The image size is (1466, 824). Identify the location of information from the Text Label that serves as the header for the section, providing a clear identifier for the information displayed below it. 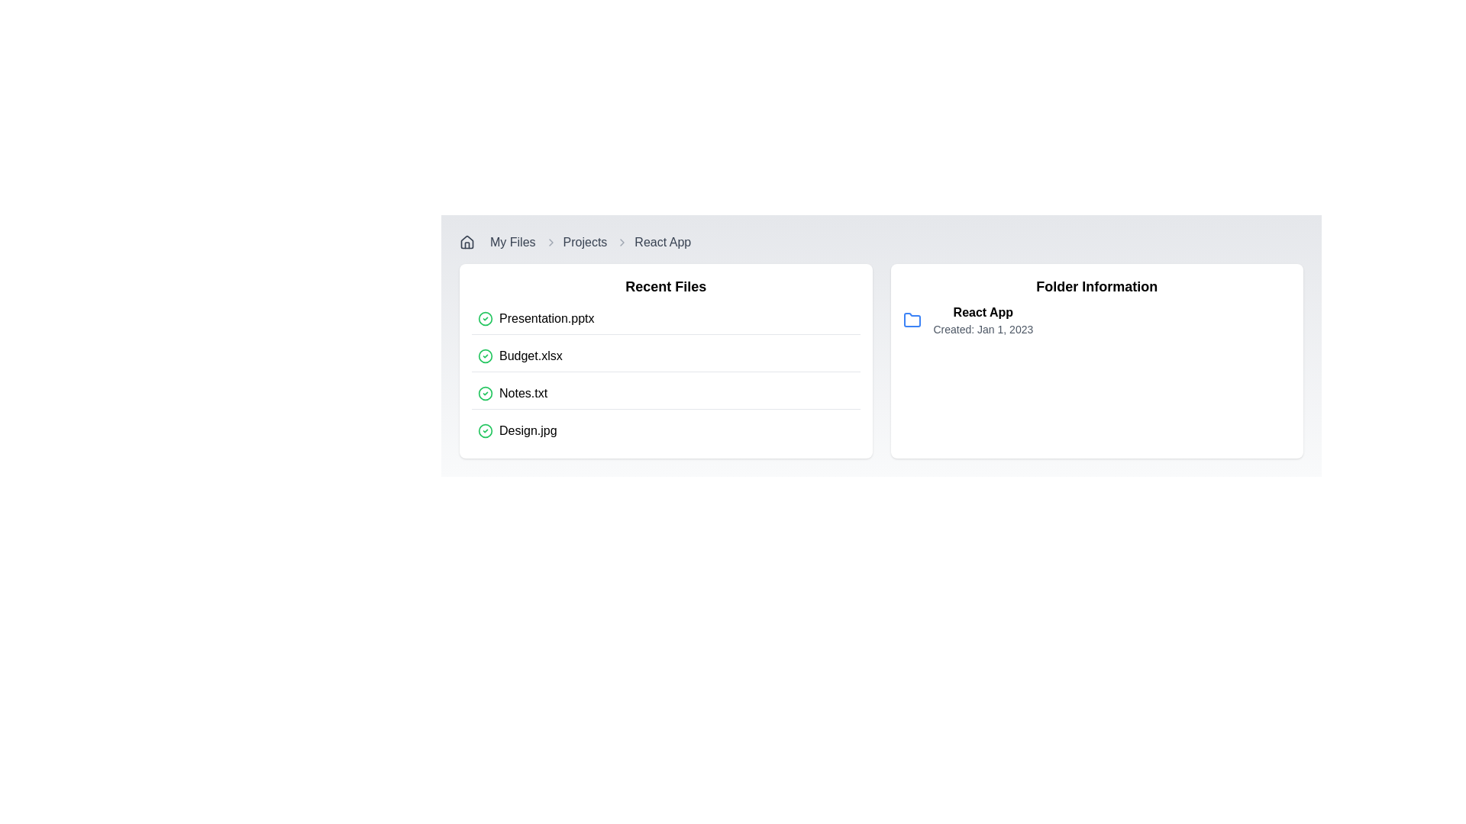
(1096, 286).